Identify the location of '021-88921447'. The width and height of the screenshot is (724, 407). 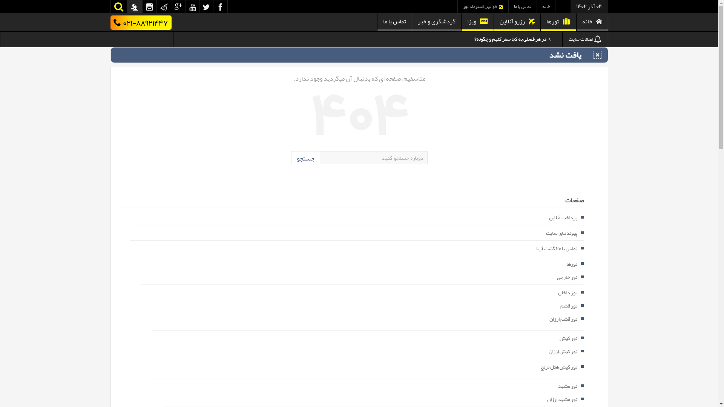
(141, 22).